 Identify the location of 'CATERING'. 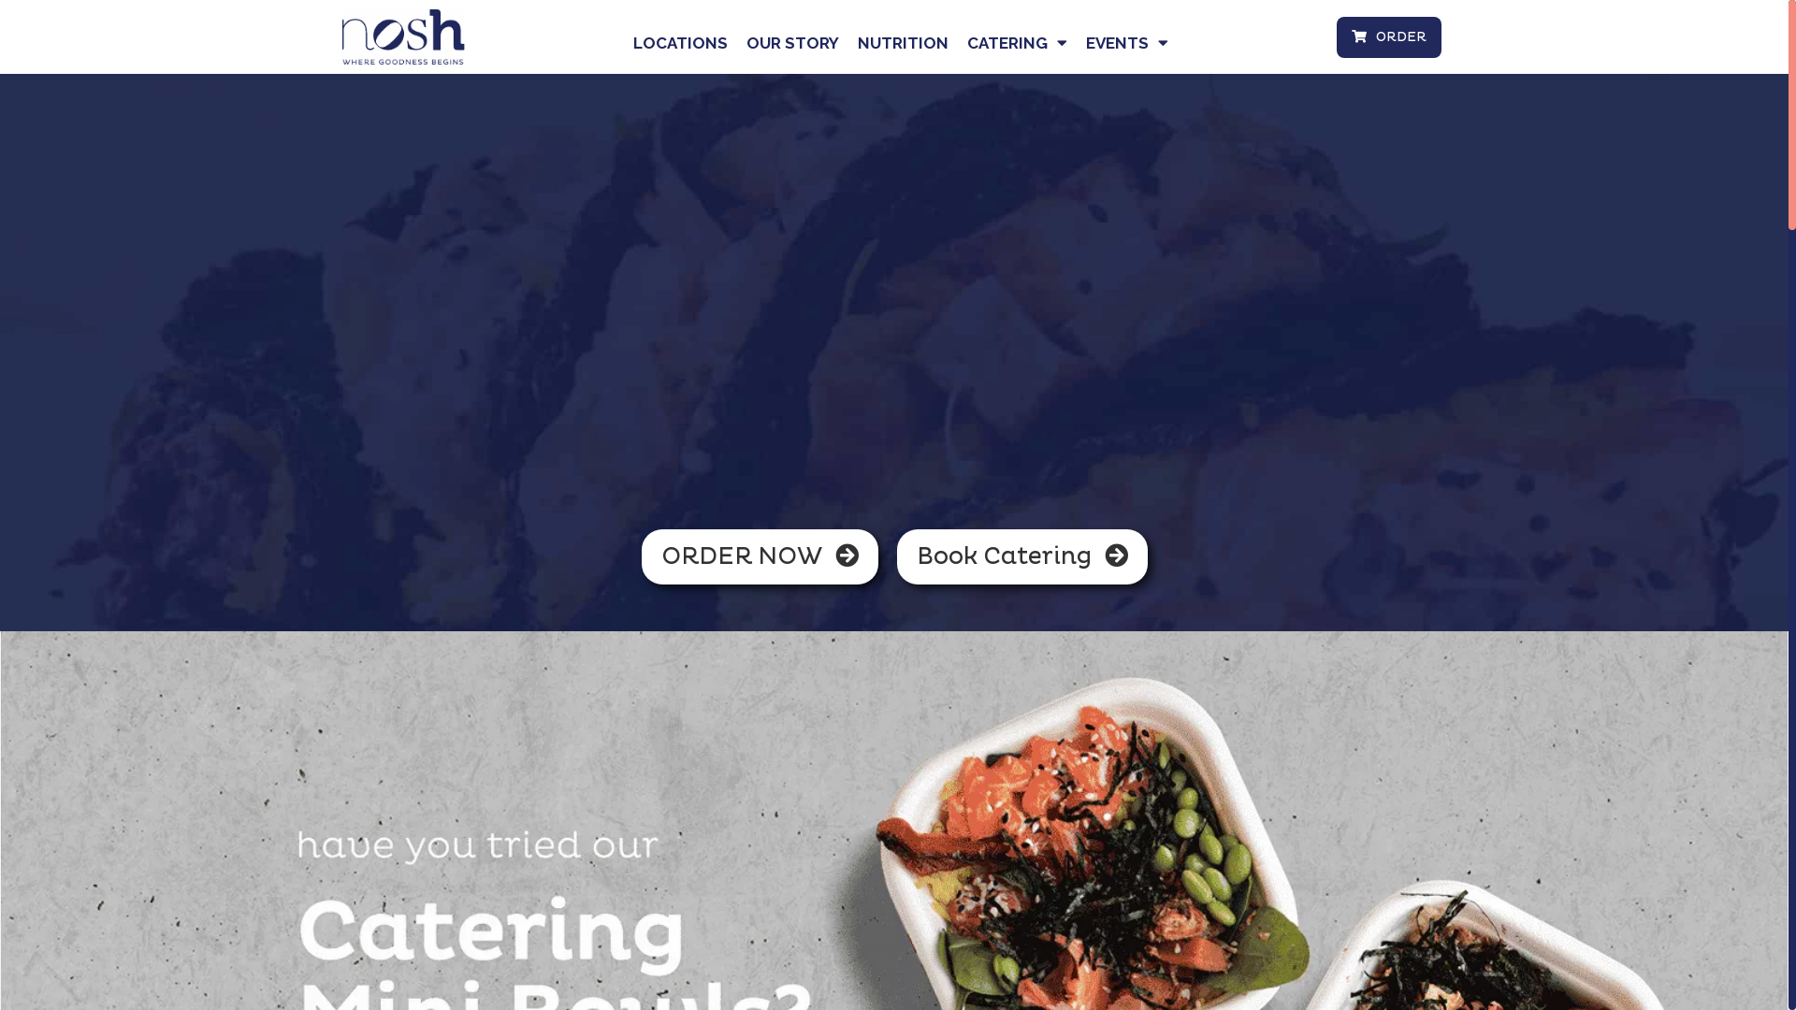
(1016, 42).